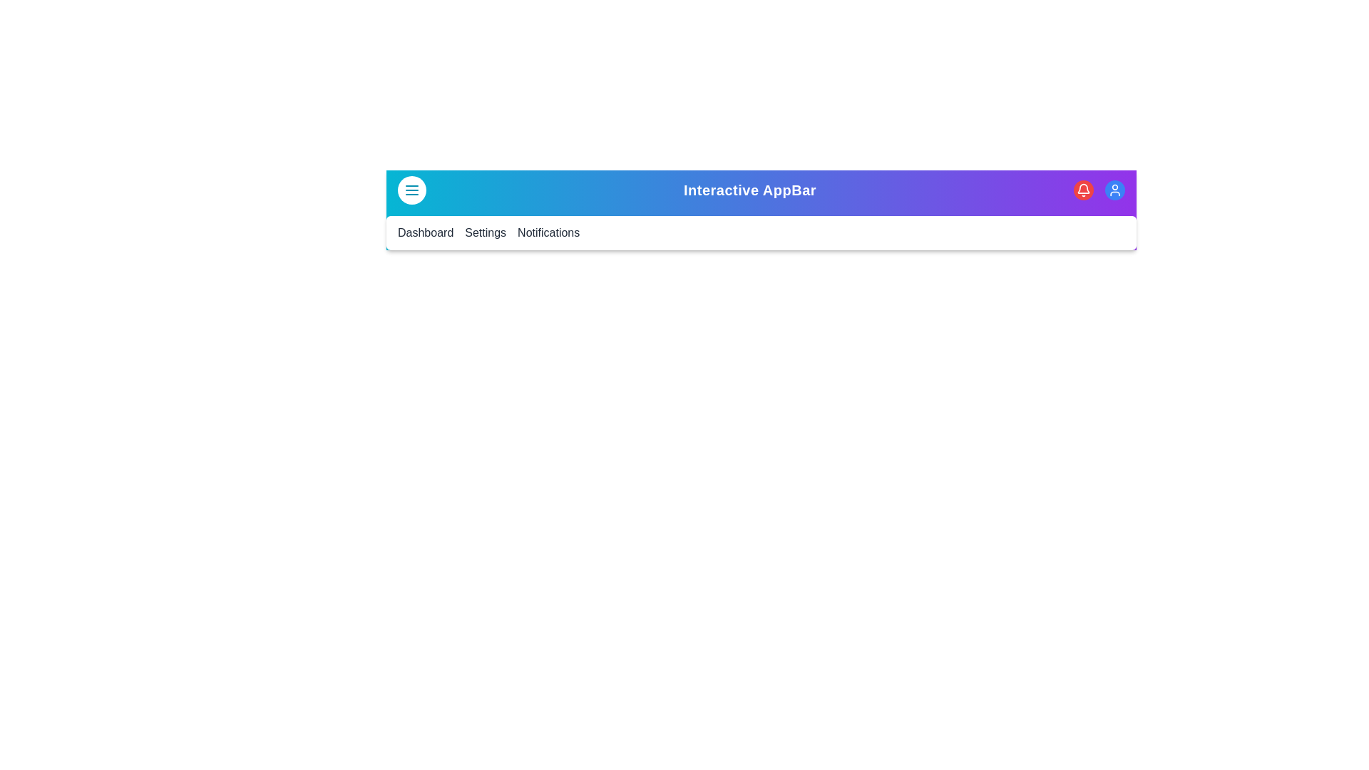  Describe the element at coordinates (486, 232) in the screenshot. I see `the Settings button to navigate to the desired section` at that location.